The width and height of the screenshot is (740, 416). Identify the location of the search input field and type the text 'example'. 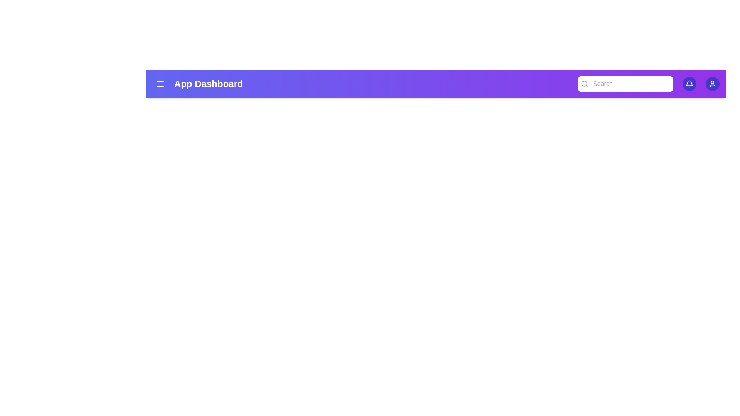
(625, 84).